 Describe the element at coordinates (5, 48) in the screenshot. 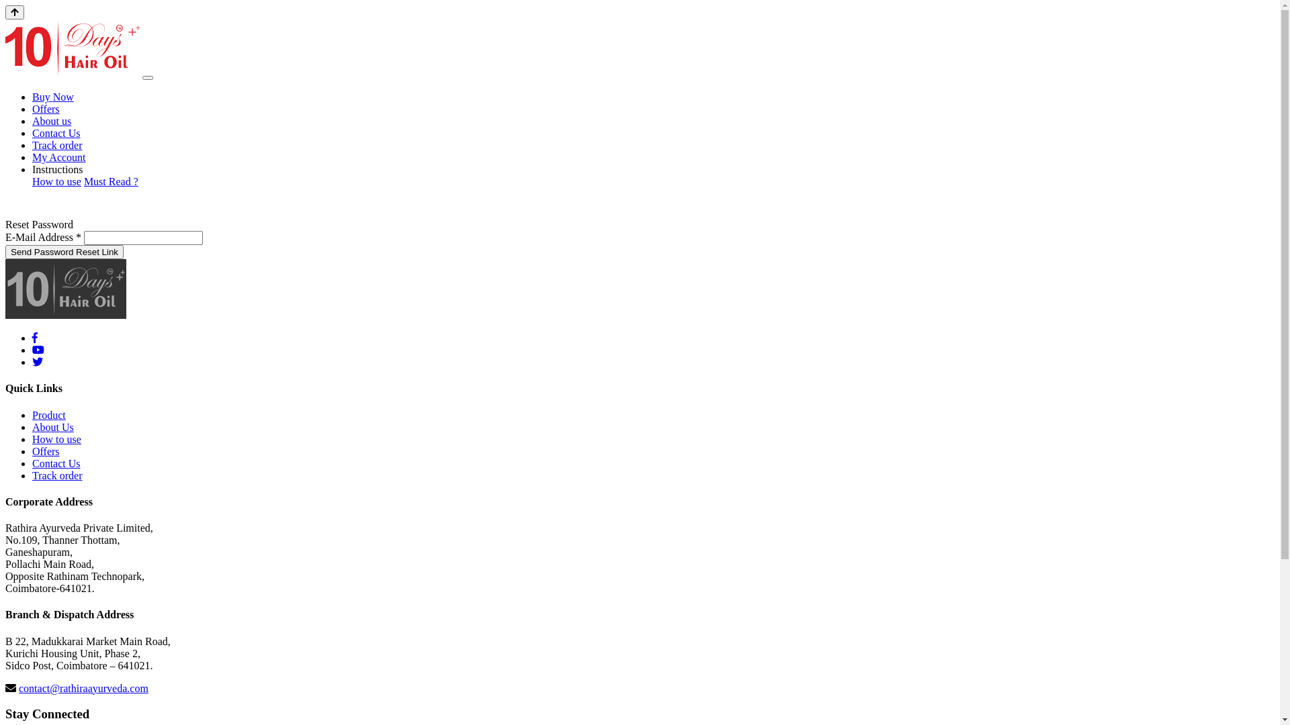

I see `'10 Days Hair Oil'` at that location.